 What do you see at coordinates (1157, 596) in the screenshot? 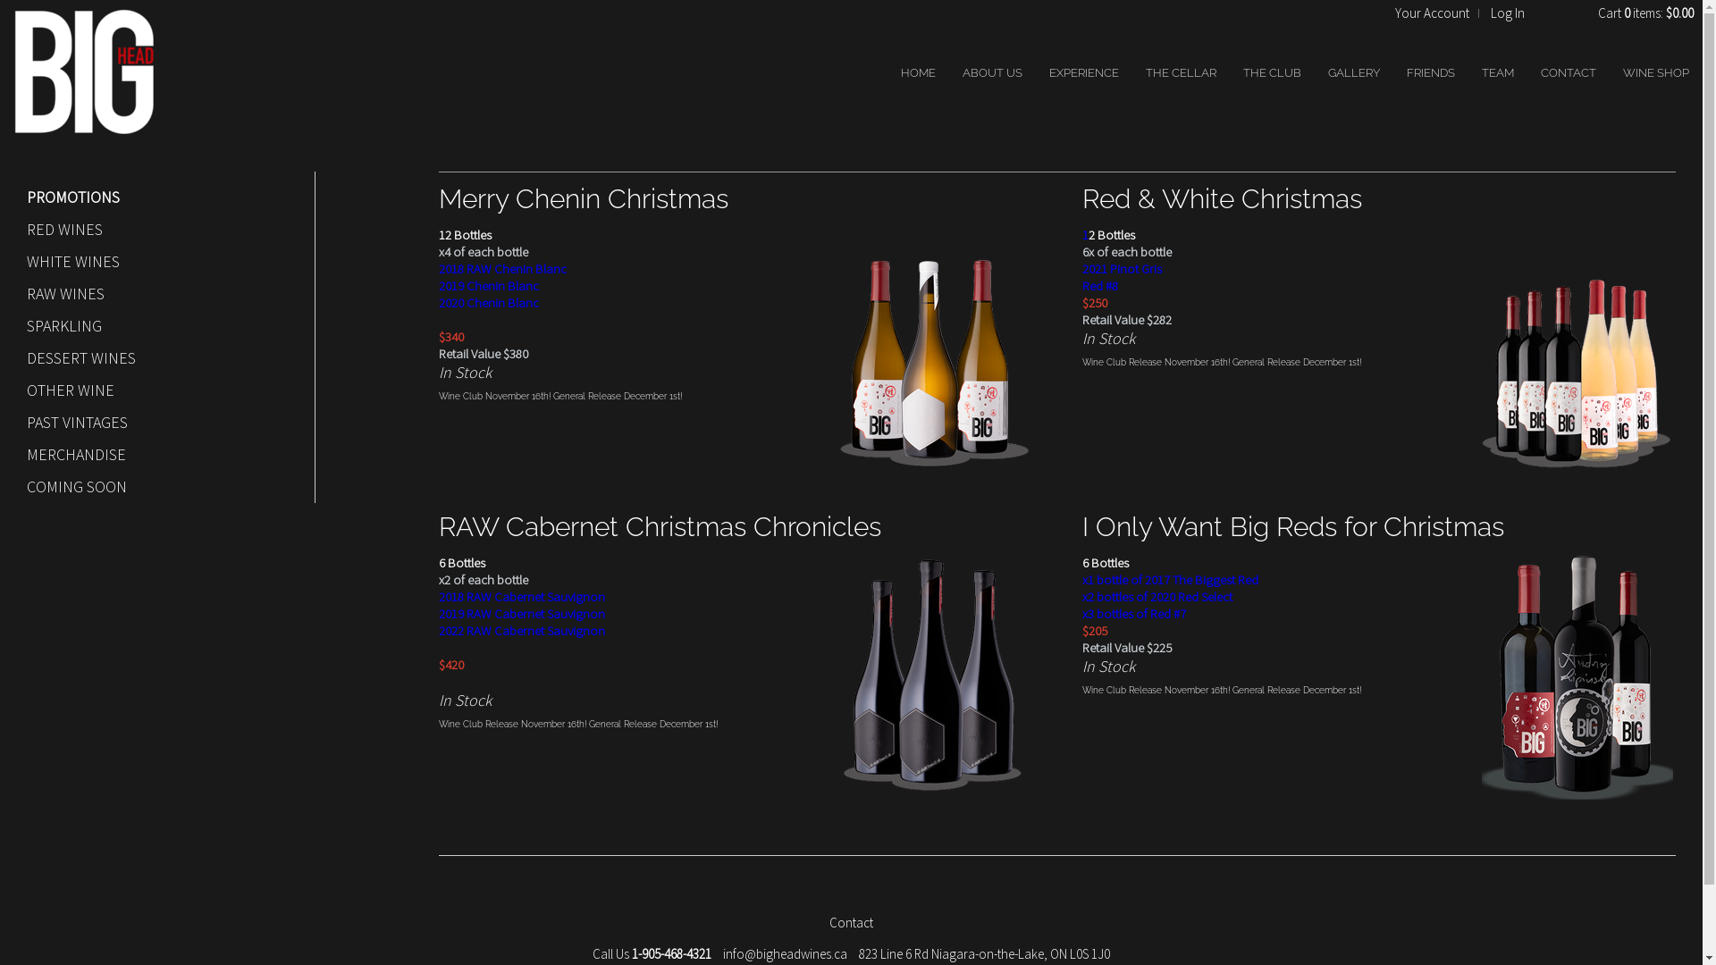
I see `'x2 bottles of 2020 Red Select'` at bounding box center [1157, 596].